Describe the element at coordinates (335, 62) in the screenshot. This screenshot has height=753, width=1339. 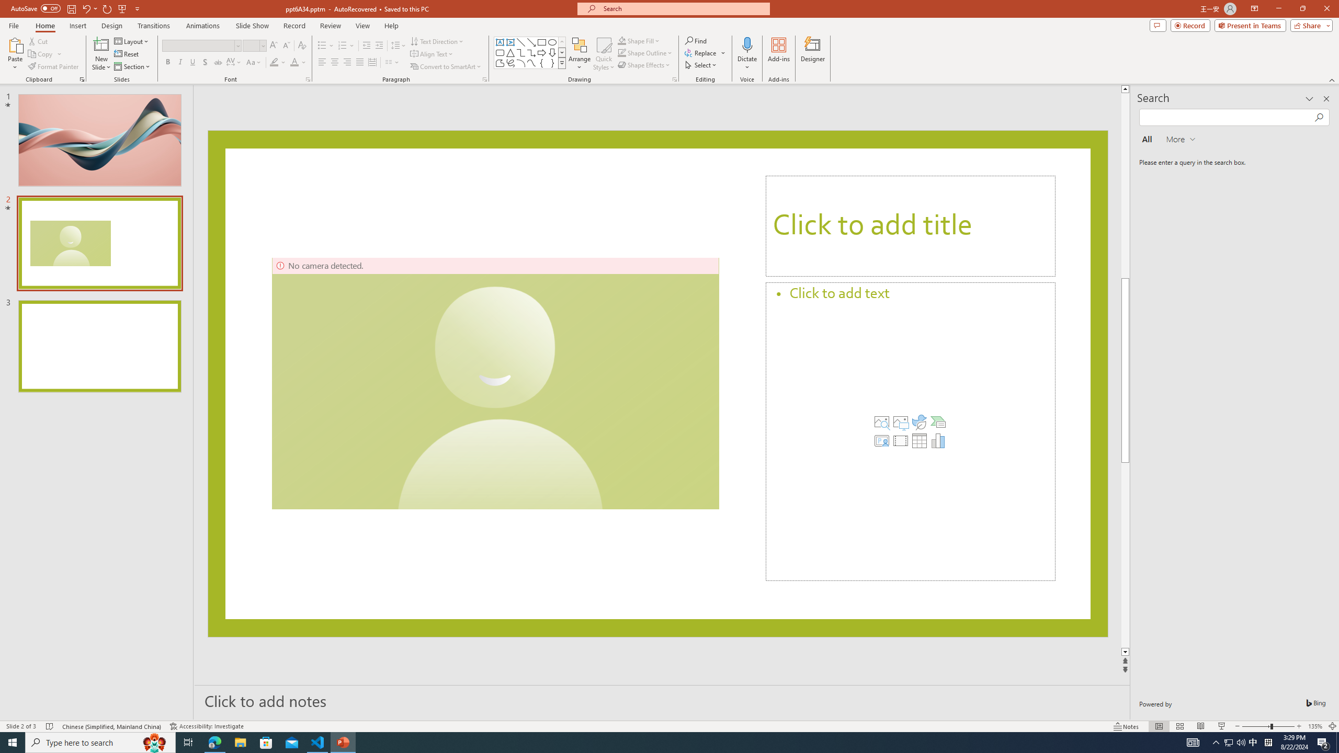
I see `'Center'` at that location.